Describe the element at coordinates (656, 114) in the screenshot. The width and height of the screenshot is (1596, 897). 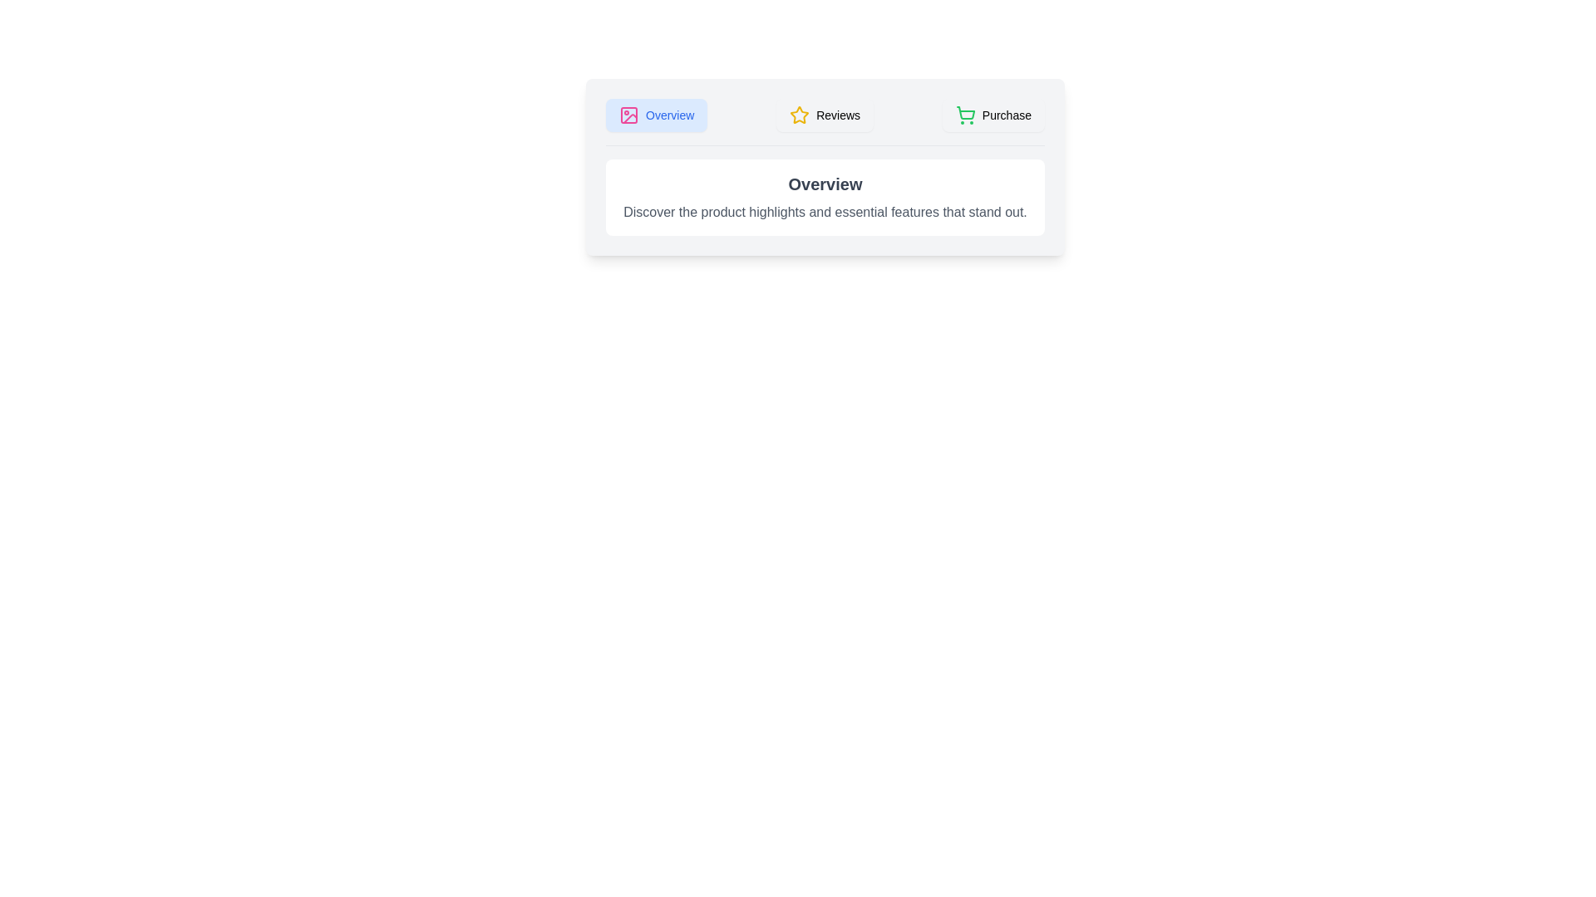
I see `the Overview tab to view its content` at that location.